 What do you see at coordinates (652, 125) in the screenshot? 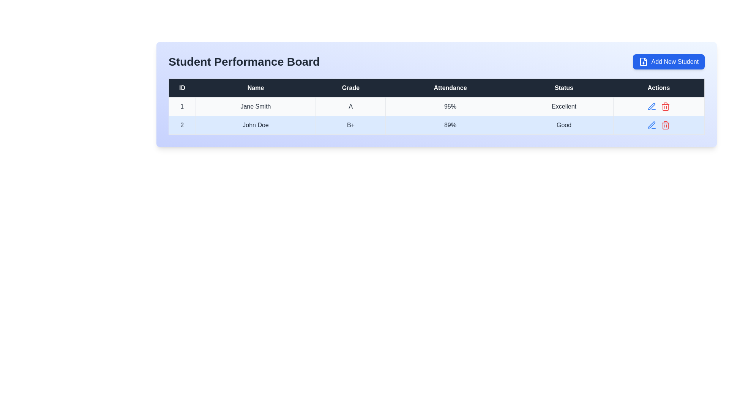
I see `the editing icon button located in the last column of the second row in the 'Student Performance Board' table to change its color` at bounding box center [652, 125].